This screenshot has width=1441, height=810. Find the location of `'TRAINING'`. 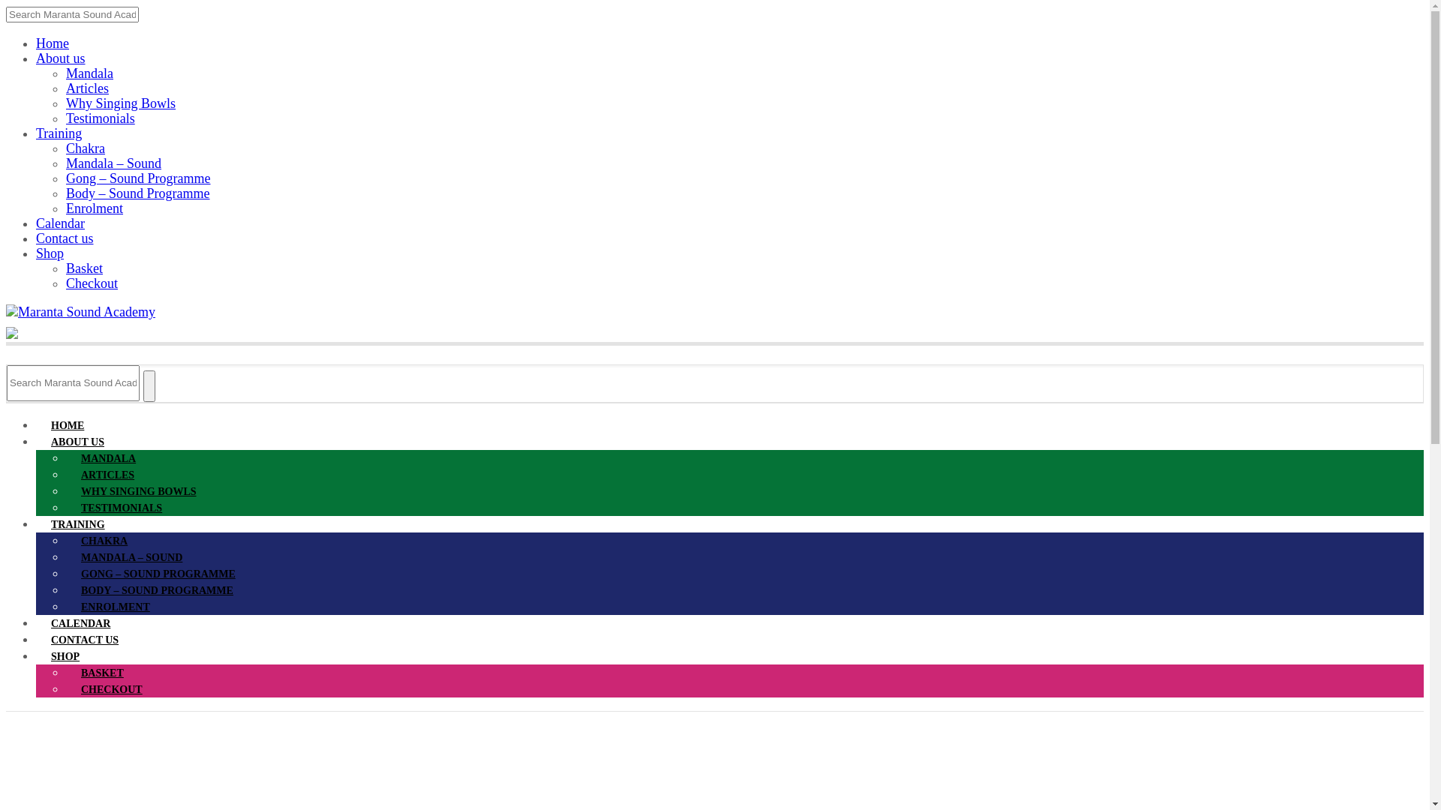

'TRAINING' is located at coordinates (77, 523).